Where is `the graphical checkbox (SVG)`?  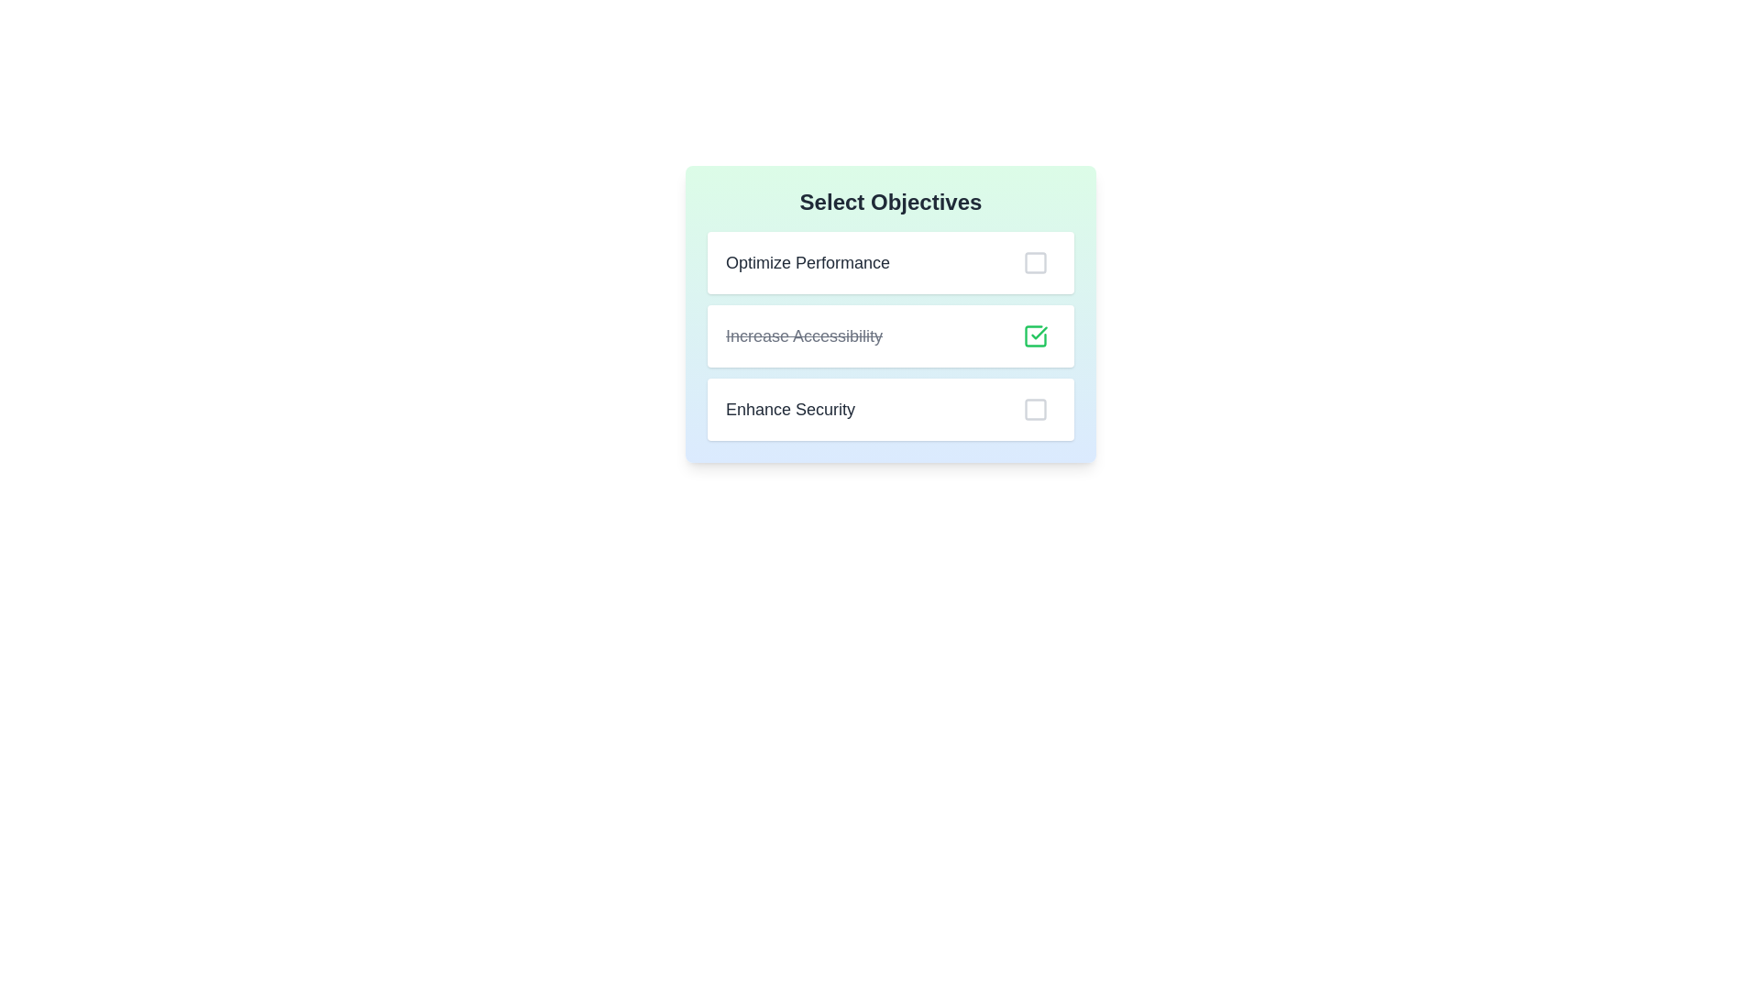 the graphical checkbox (SVG) is located at coordinates (1039, 333).